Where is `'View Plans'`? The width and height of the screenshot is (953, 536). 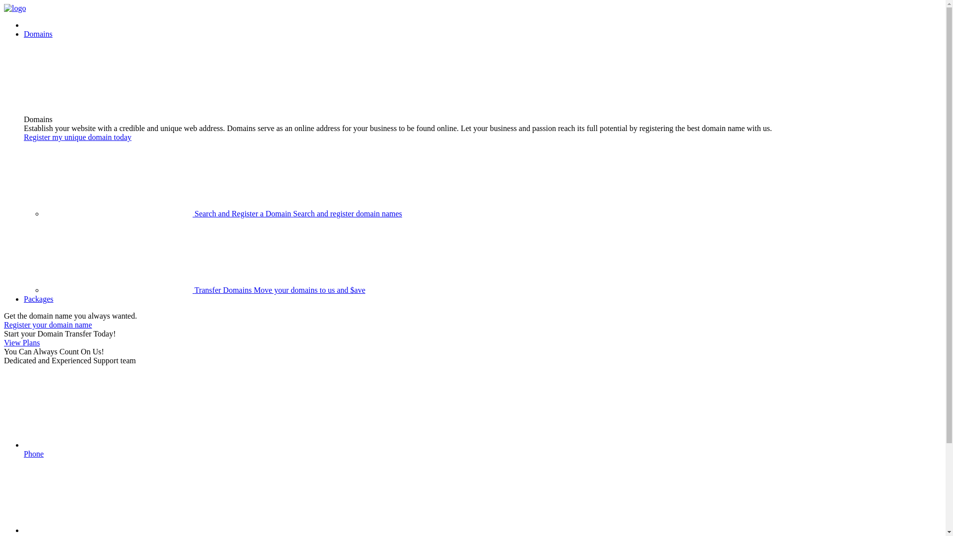 'View Plans' is located at coordinates (21, 342).